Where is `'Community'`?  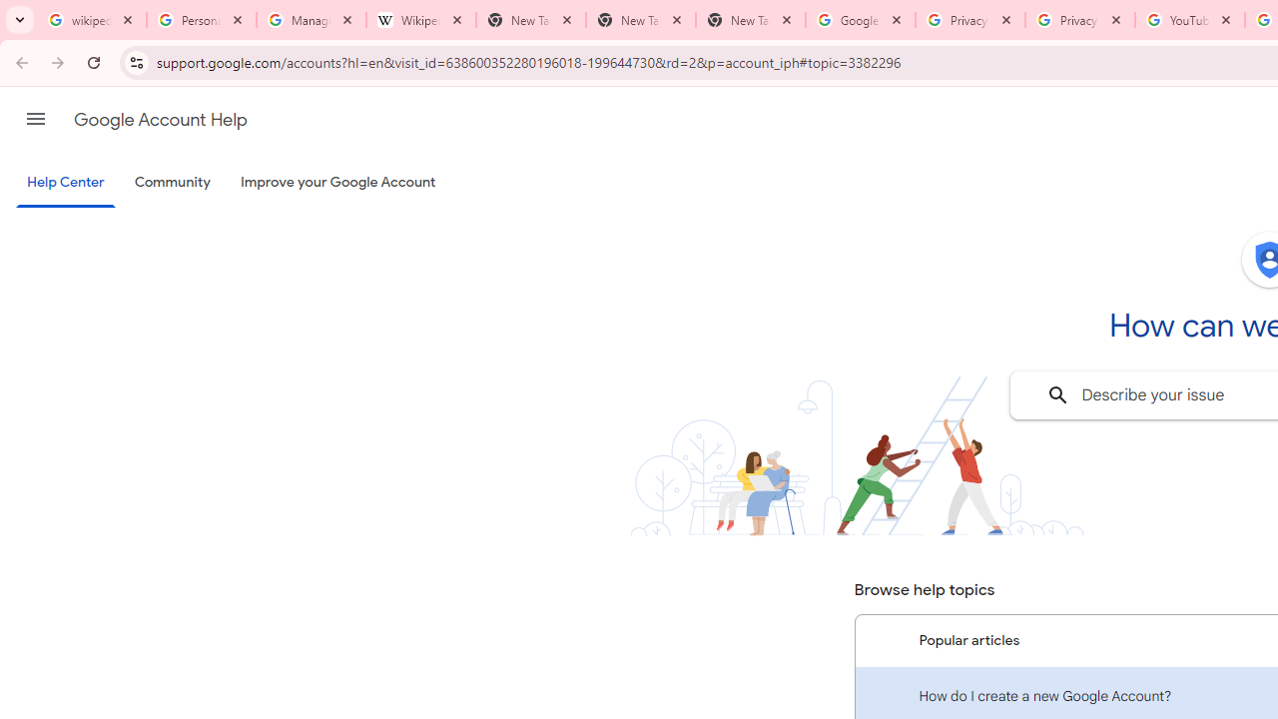 'Community' is located at coordinates (172, 183).